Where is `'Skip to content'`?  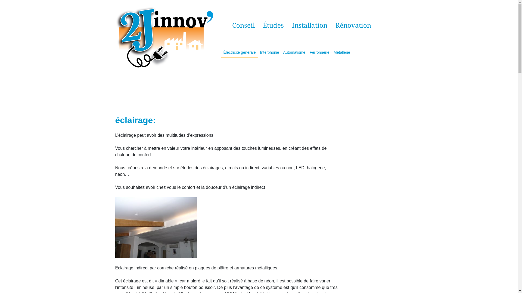
'Skip to content' is located at coordinates (0, 0).